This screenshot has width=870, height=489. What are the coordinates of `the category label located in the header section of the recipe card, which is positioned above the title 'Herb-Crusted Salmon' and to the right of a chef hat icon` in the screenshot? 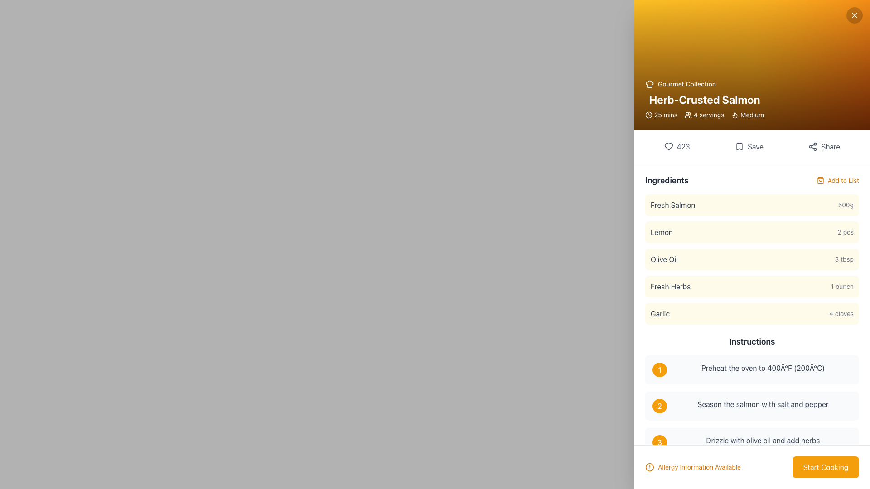 It's located at (704, 84).